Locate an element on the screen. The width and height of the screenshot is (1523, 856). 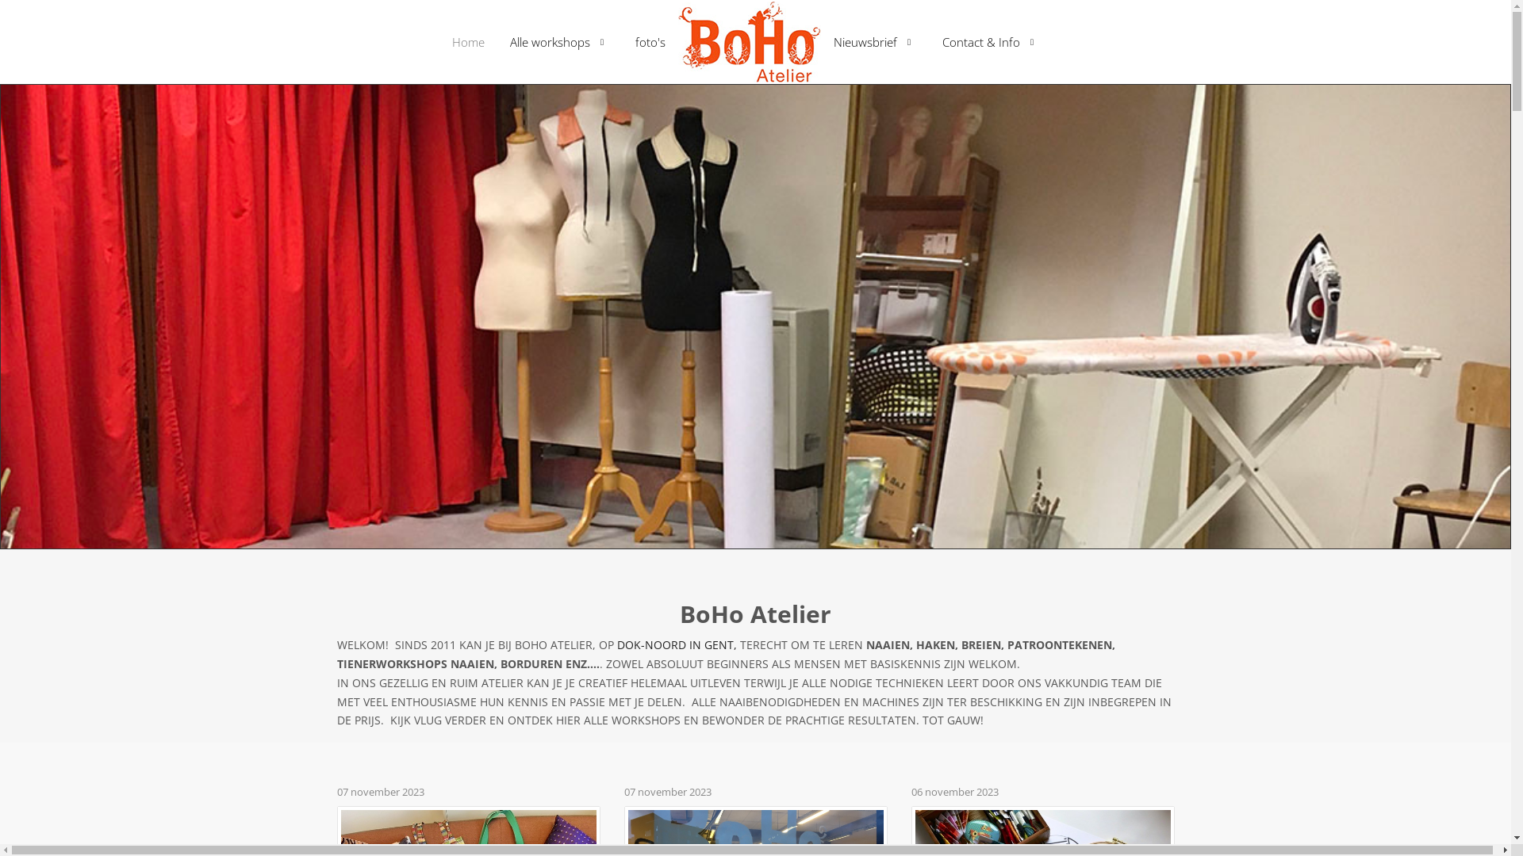
'Alle workshops' is located at coordinates (497, 41).